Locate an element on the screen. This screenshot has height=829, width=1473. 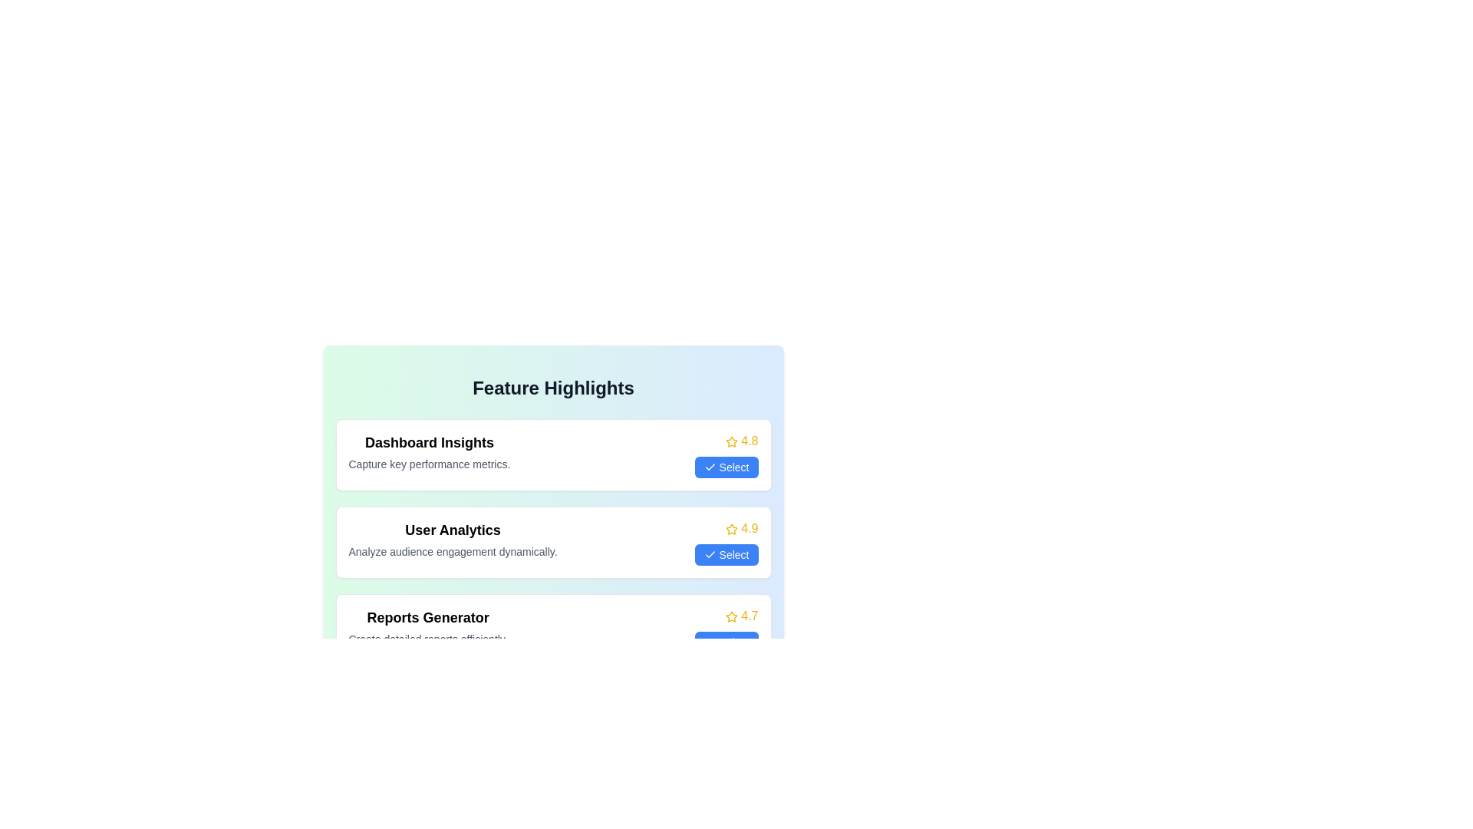
the text of User Analytics to read the full description is located at coordinates (452, 529).